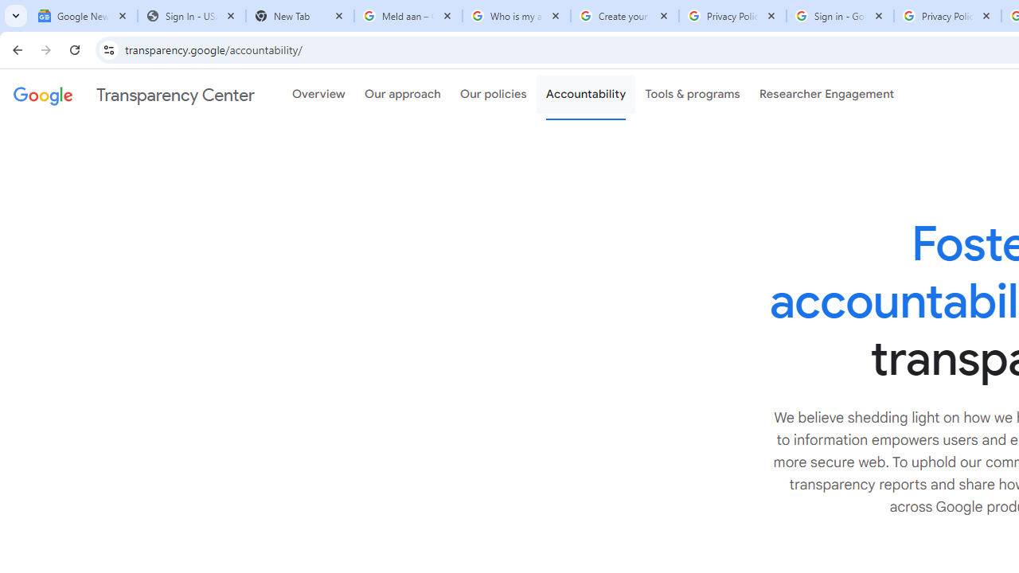 The width and height of the screenshot is (1019, 573). I want to click on 'Accountability', so click(585, 95).